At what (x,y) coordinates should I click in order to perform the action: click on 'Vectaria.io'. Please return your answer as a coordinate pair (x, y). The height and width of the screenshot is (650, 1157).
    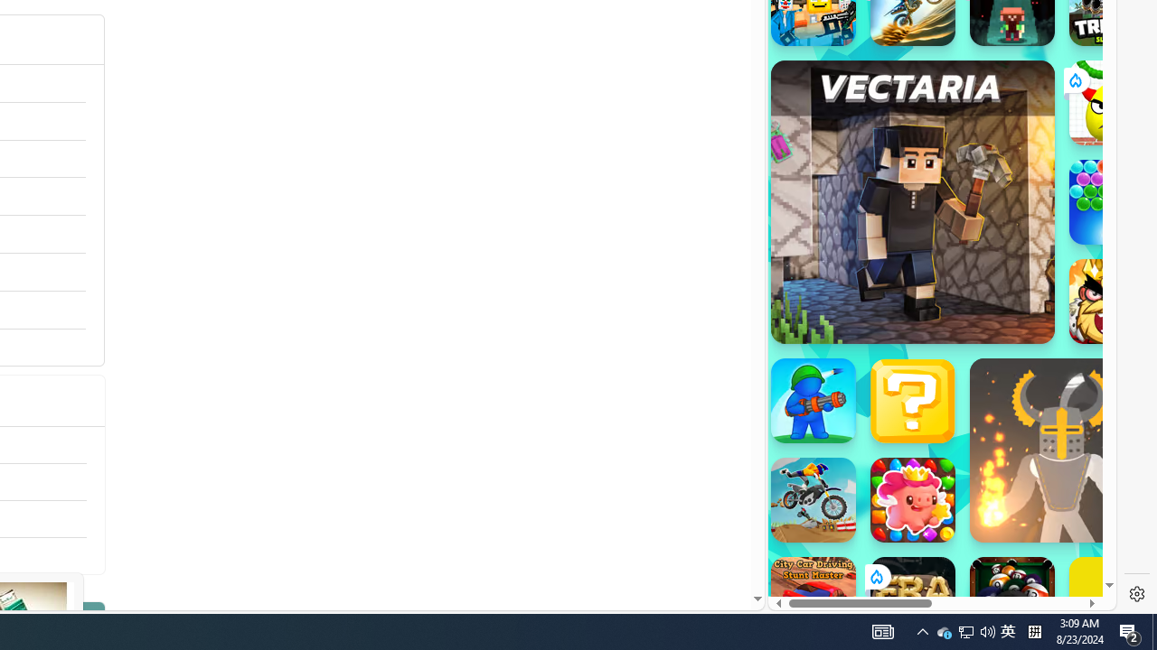
    Looking at the image, I should click on (912, 201).